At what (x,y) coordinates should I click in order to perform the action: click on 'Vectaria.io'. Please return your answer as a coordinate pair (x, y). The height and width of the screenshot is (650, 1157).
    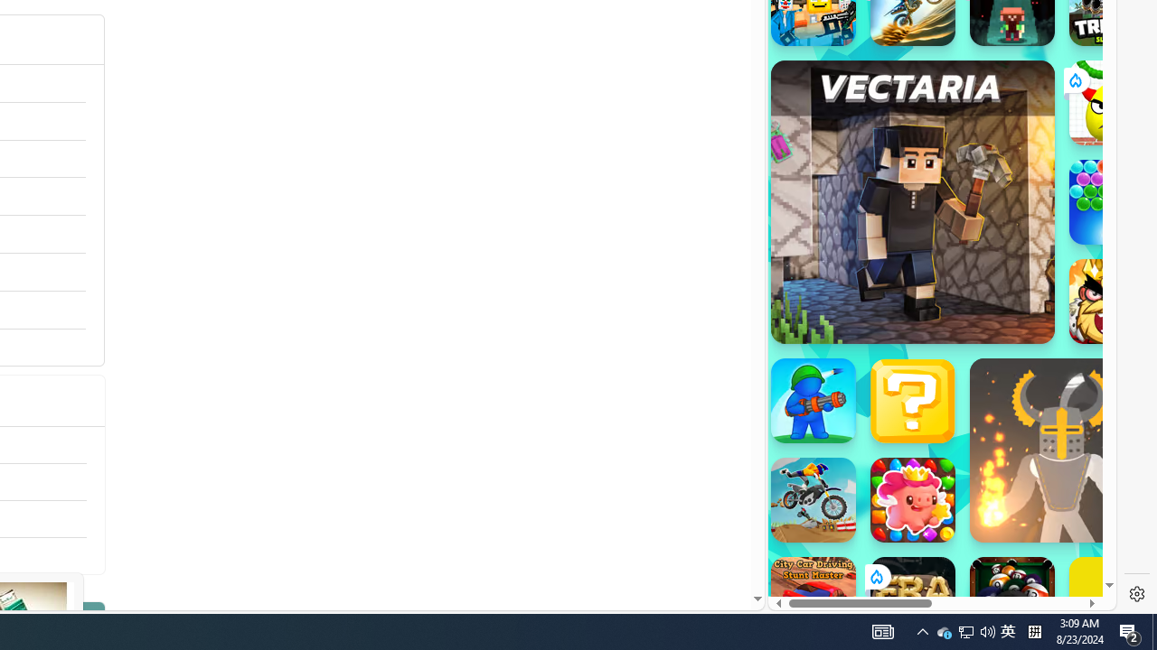
    Looking at the image, I should click on (912, 201).